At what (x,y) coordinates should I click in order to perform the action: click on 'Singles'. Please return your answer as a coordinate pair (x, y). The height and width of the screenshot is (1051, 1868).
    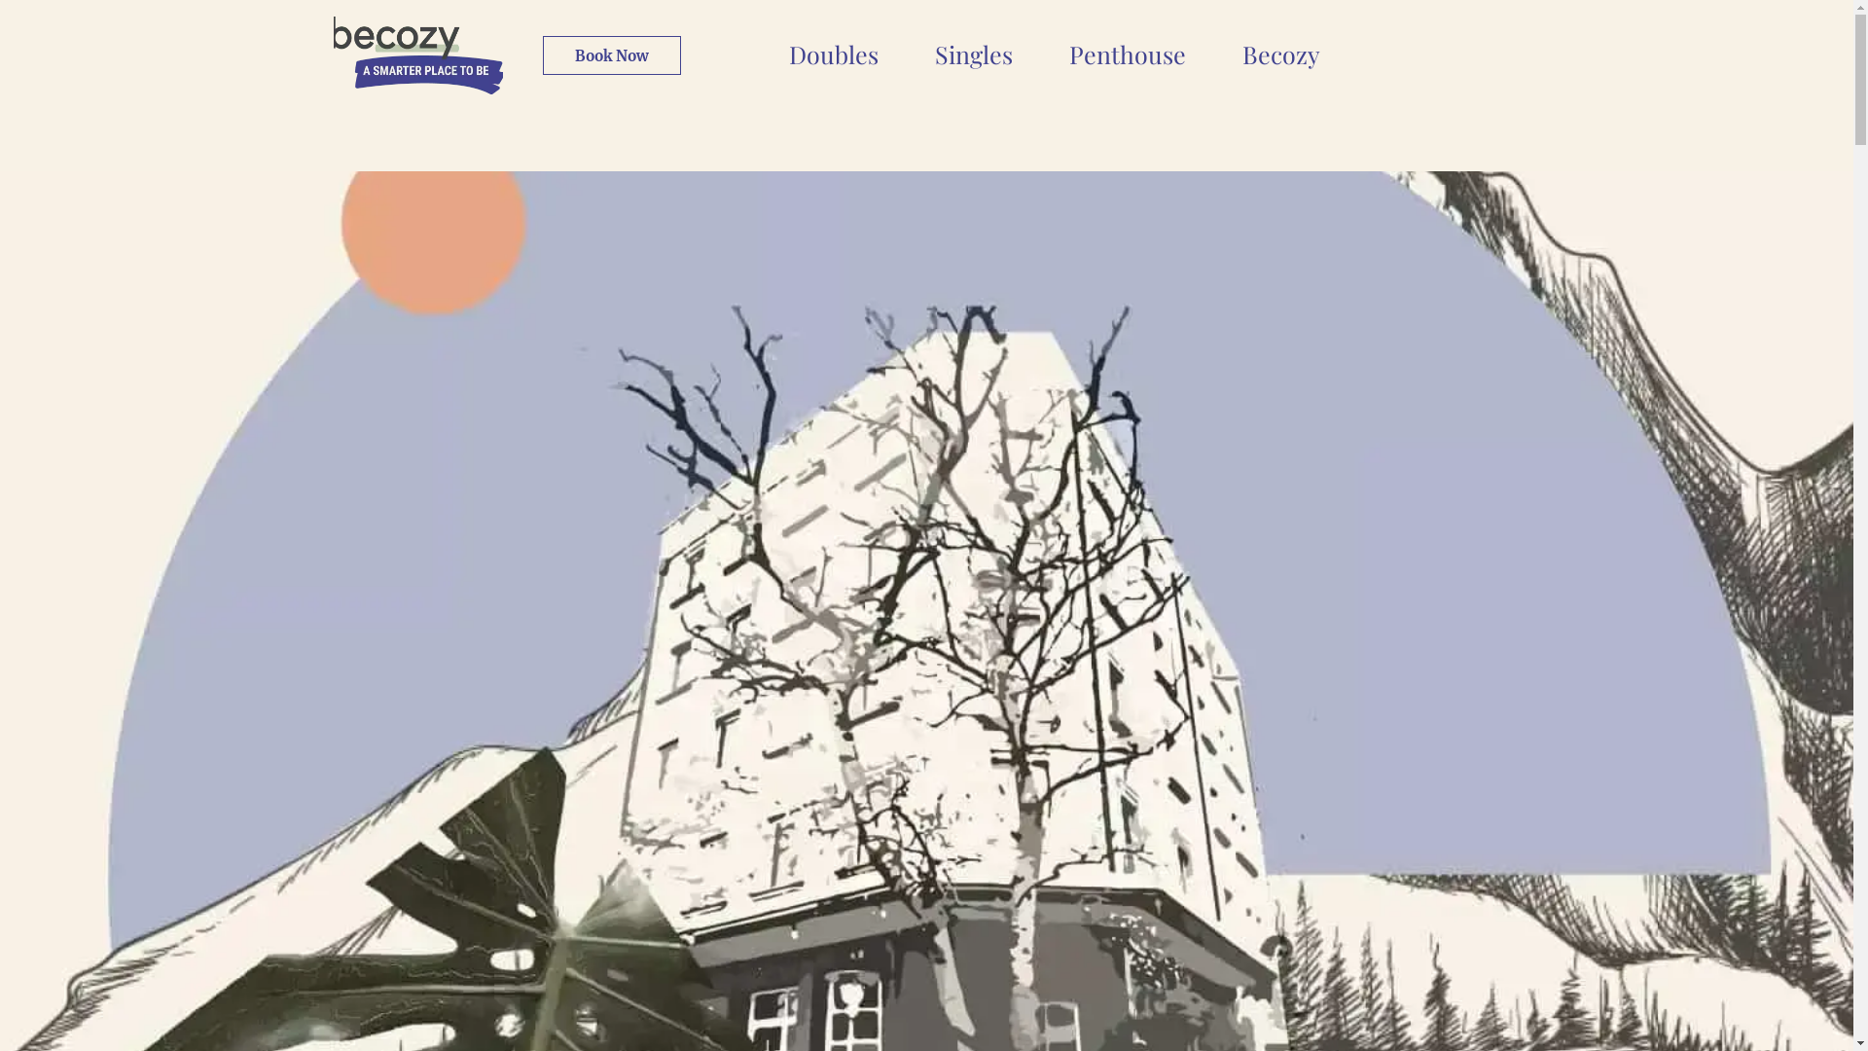
    Looking at the image, I should click on (974, 53).